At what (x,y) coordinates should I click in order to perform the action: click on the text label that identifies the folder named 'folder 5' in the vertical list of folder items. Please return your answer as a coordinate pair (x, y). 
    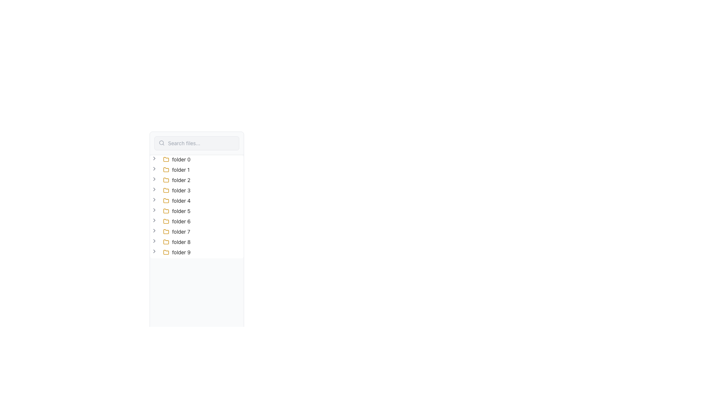
    Looking at the image, I should click on (181, 211).